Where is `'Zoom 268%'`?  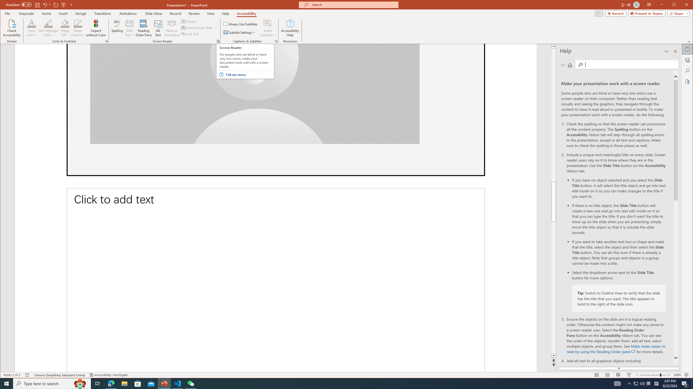
'Zoom 268%' is located at coordinates (677, 375).